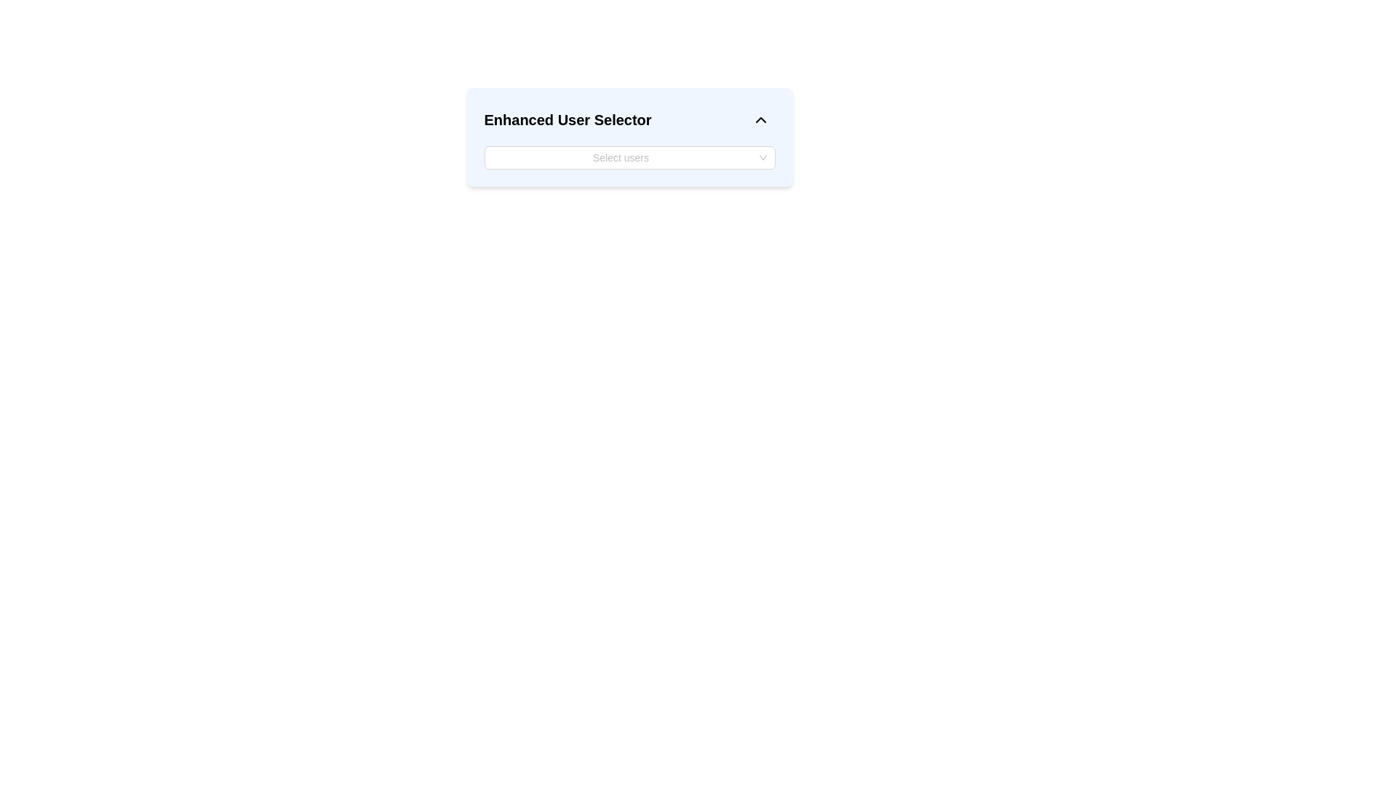 Image resolution: width=1397 pixels, height=786 pixels. I want to click on the non-interactive placeholder element located inside the 'Select users' dropdown component of the 'Enhanced User Selector' section, so click(494, 157).